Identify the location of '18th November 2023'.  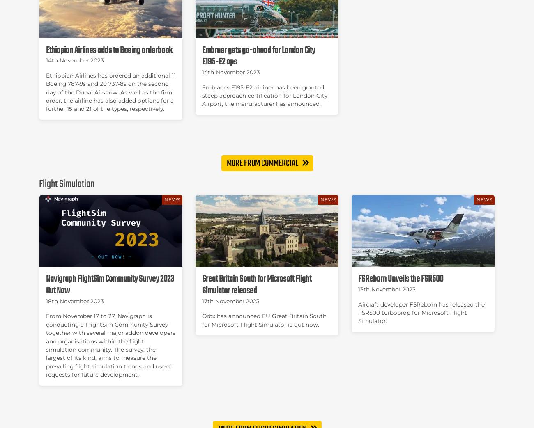
(46, 301).